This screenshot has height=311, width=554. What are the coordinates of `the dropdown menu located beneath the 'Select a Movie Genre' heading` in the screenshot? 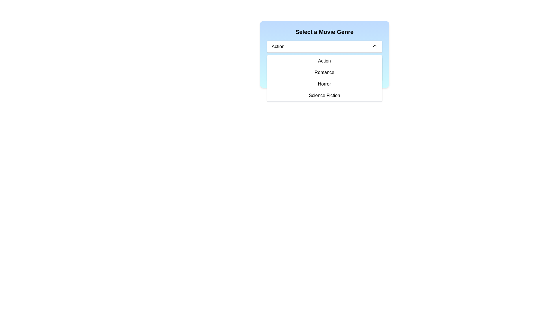 It's located at (324, 54).